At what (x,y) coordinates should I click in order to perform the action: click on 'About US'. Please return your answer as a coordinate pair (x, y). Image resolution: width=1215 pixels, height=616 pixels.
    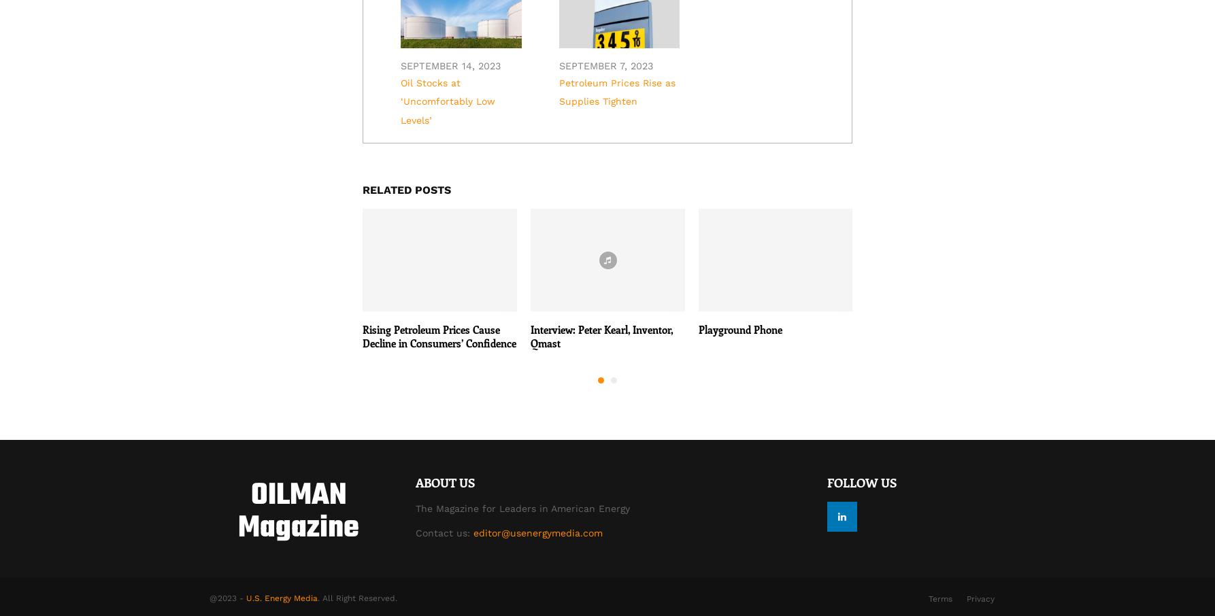
    Looking at the image, I should click on (444, 483).